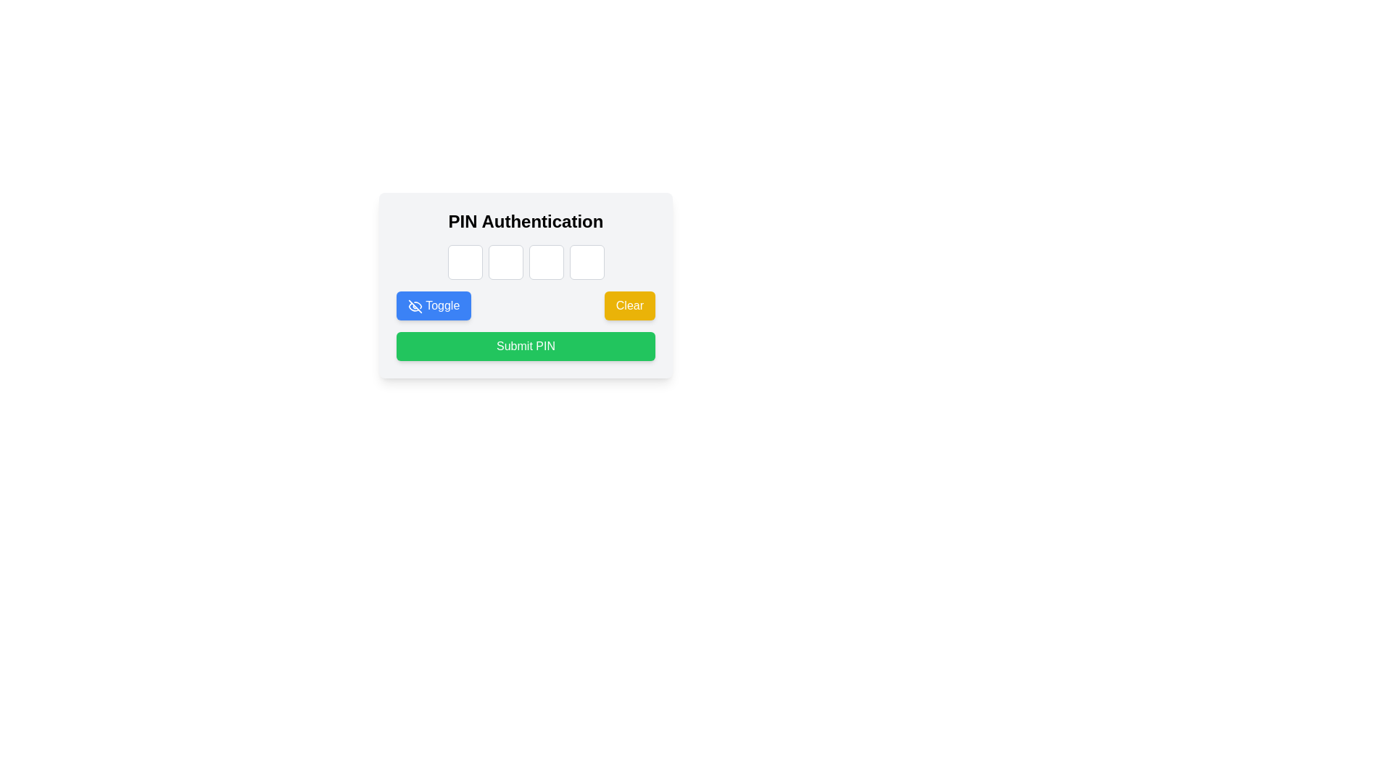 The image size is (1392, 783). I want to click on the specific field in the Input field group for PIN entry to focus on it, so click(525, 262).